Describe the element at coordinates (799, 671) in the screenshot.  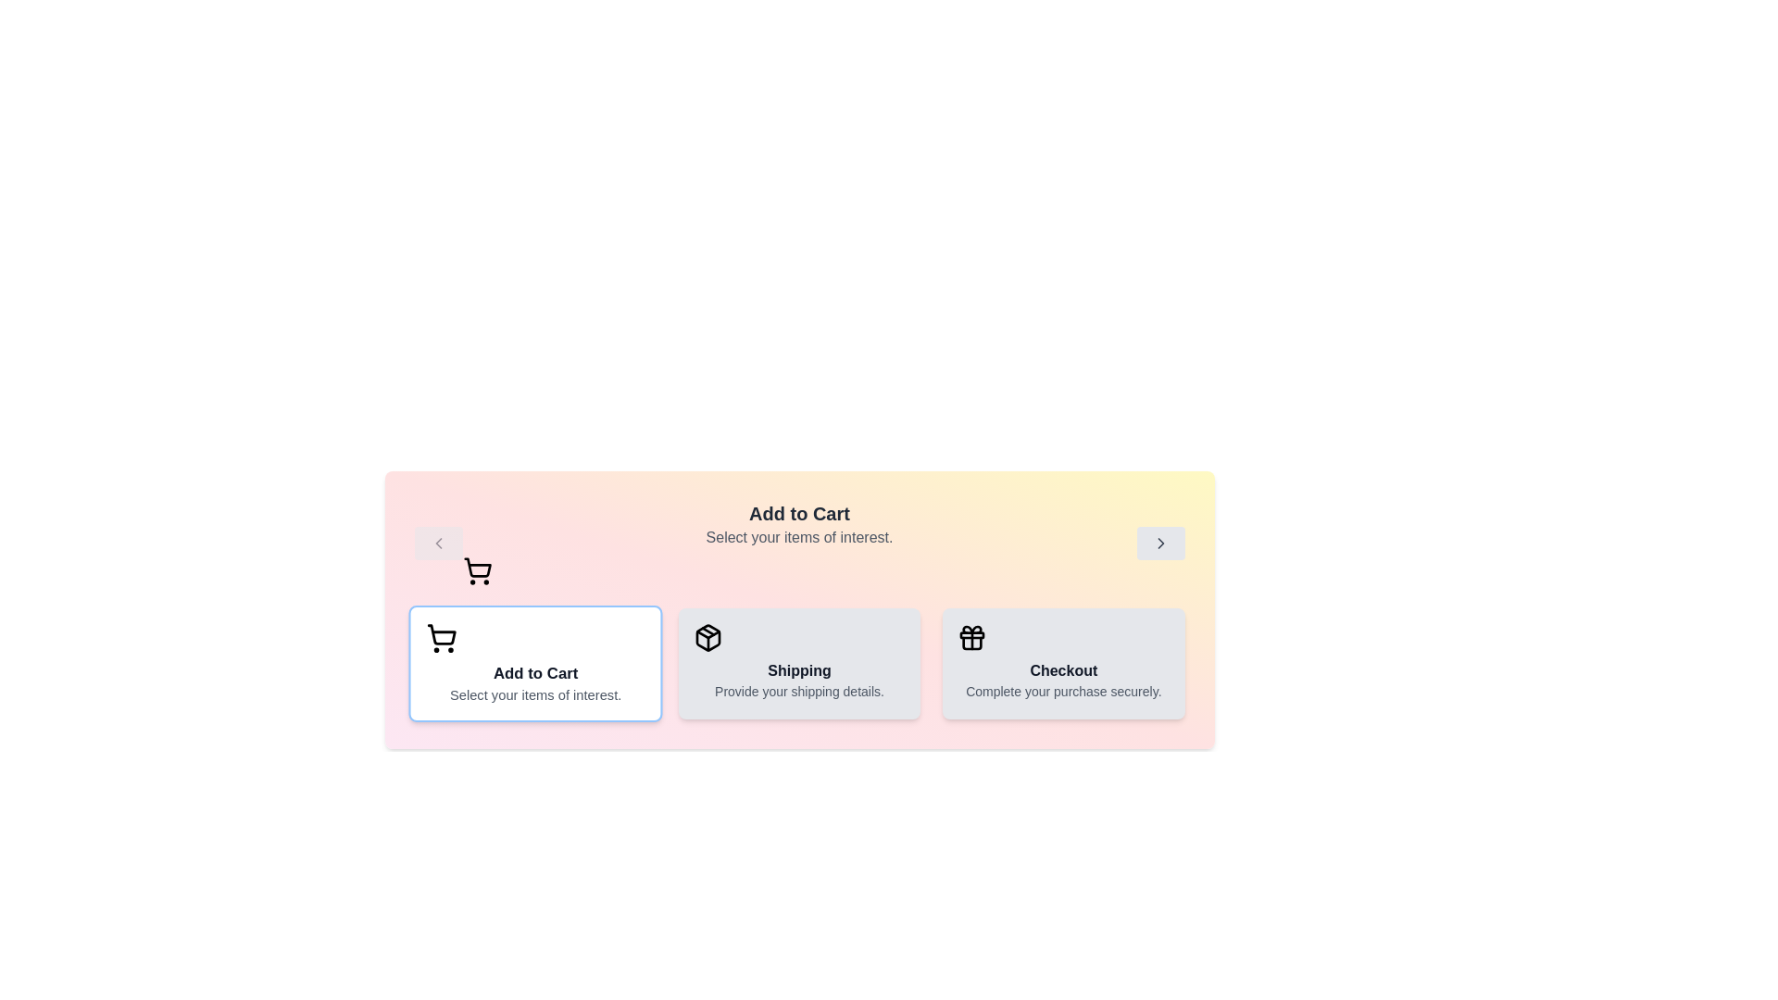
I see `the 'Shipping' text label which serves as an identifier for the shipping details card, located centrally within the second card of a three-card layout` at that location.